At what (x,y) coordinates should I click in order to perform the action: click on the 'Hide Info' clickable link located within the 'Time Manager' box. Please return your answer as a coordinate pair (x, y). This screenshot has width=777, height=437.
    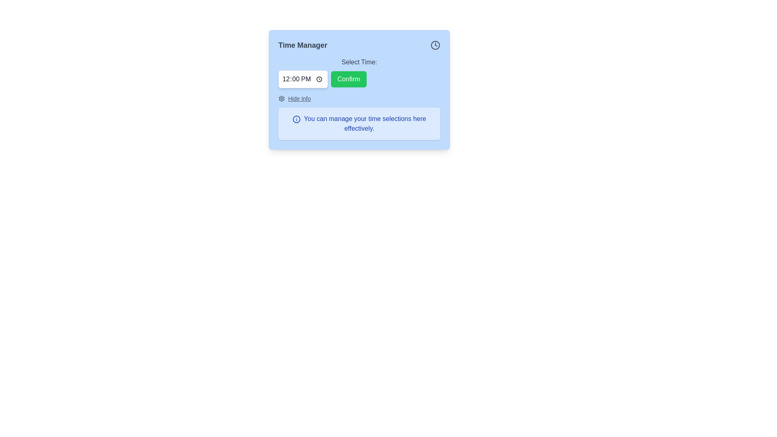
    Looking at the image, I should click on (294, 98).